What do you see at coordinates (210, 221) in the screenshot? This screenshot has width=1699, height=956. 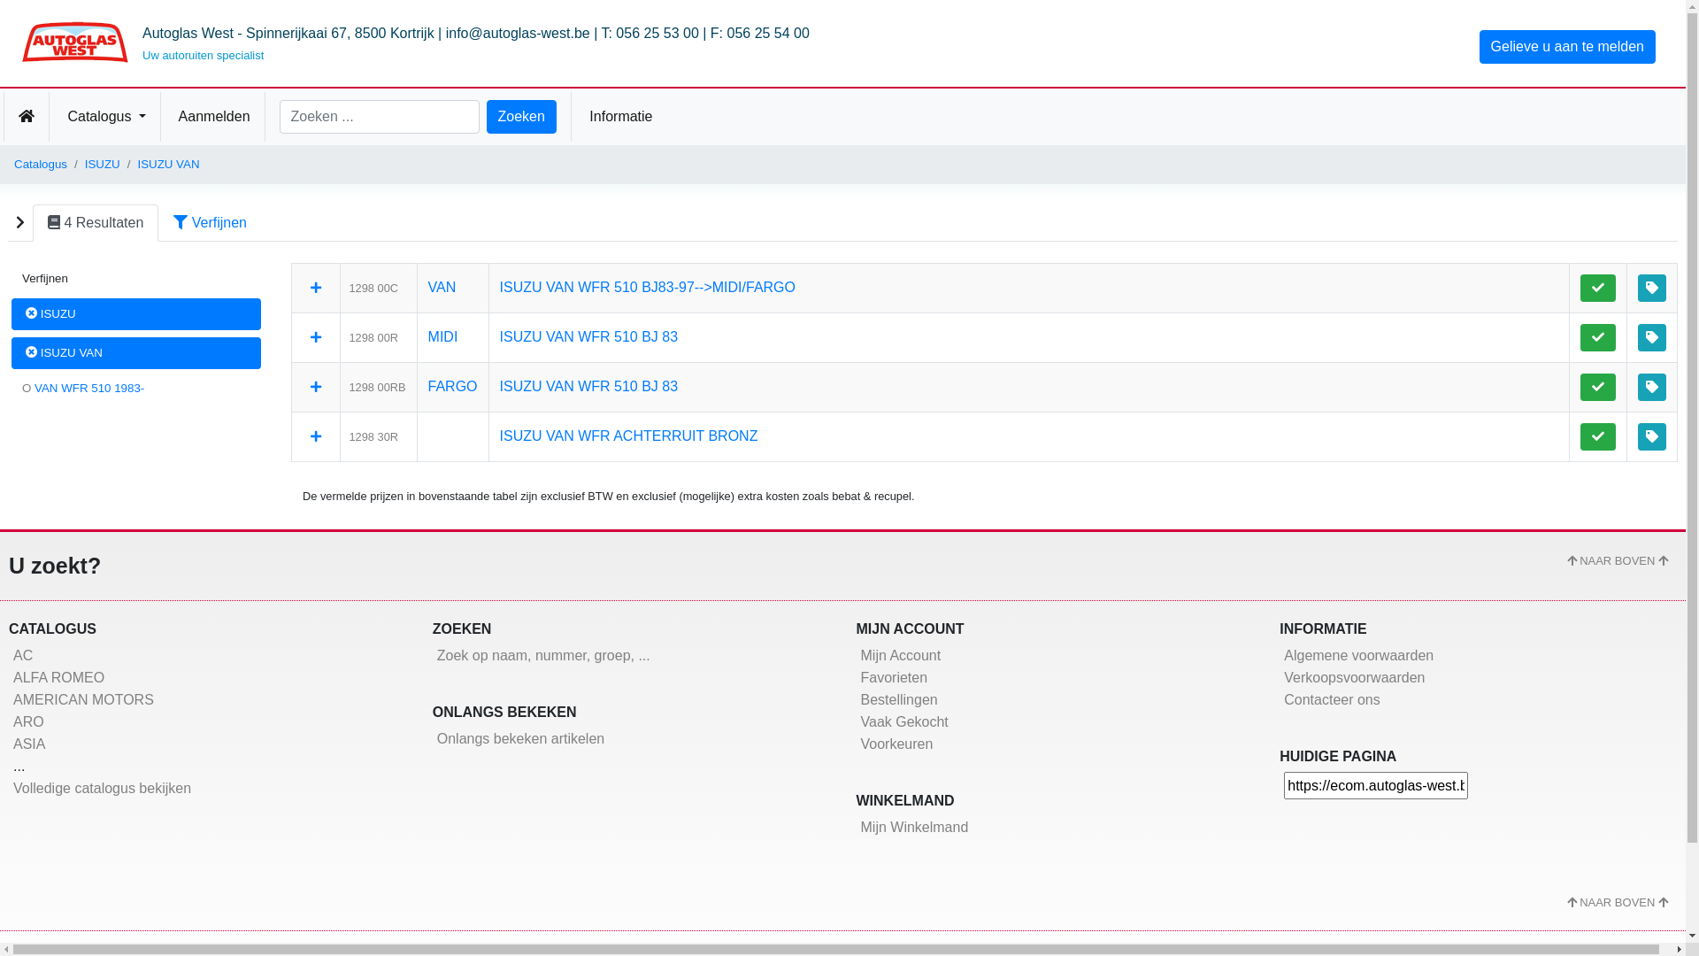 I see `'Verfijnen'` at bounding box center [210, 221].